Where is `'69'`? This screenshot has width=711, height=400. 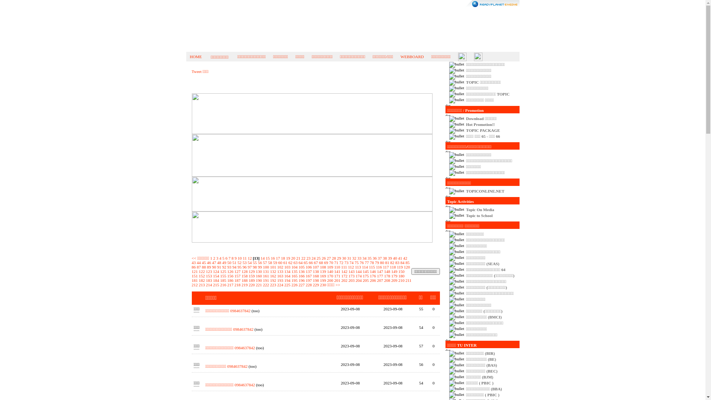
'69' is located at coordinates (324, 262).